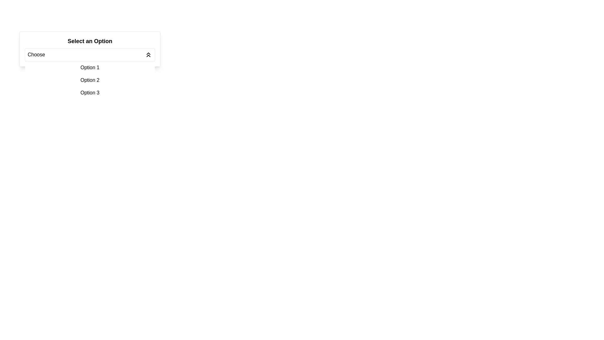  I want to click on the selectable list item for 'Option 3' in the dropdown menu, so click(90, 93).